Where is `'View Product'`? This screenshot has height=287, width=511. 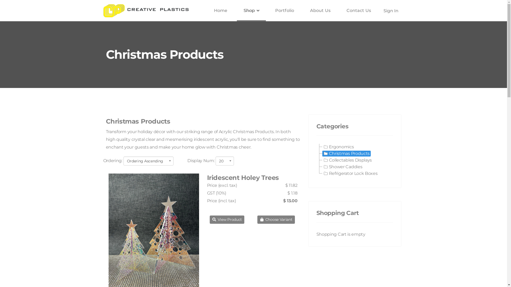
'View Product' is located at coordinates (227, 220).